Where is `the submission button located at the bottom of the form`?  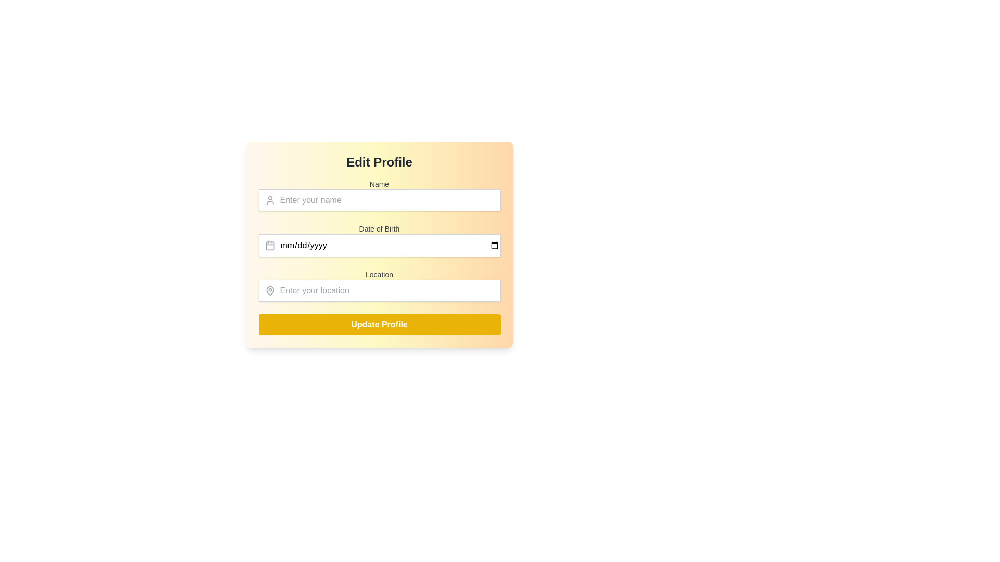 the submission button located at the bottom of the form is located at coordinates (379, 324).